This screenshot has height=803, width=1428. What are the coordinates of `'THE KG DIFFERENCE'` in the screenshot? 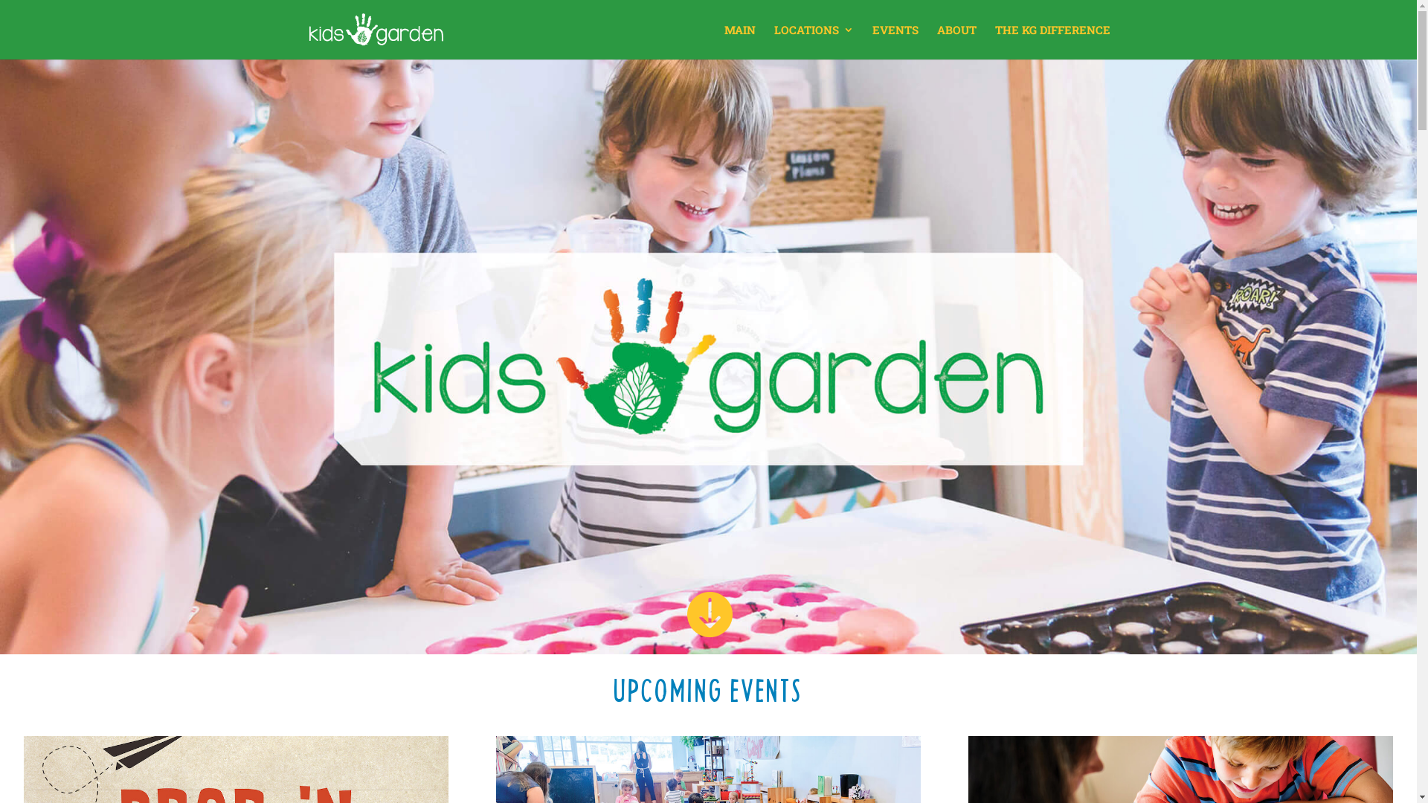 It's located at (995, 41).